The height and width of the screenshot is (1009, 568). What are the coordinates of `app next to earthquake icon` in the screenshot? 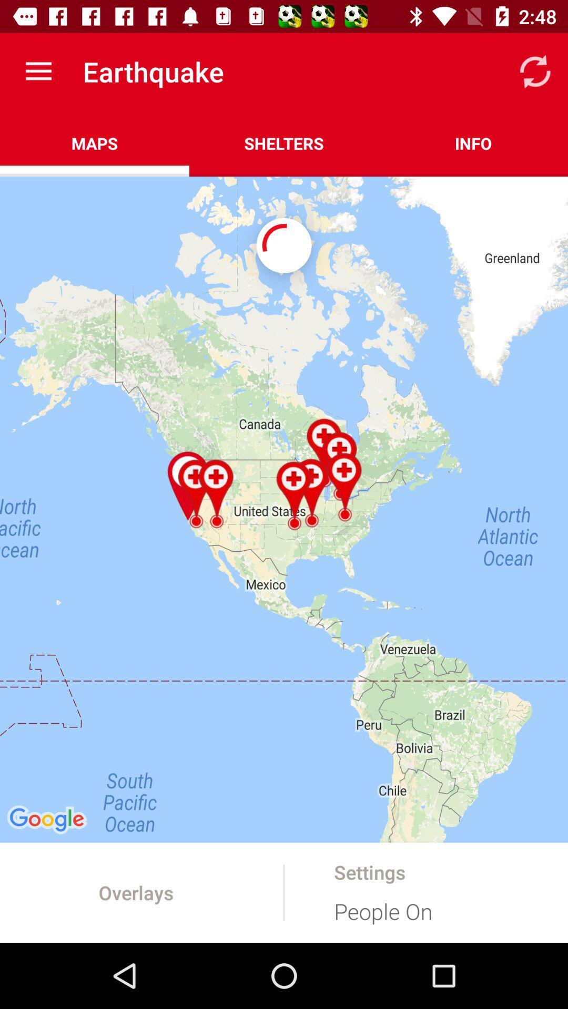 It's located at (38, 71).